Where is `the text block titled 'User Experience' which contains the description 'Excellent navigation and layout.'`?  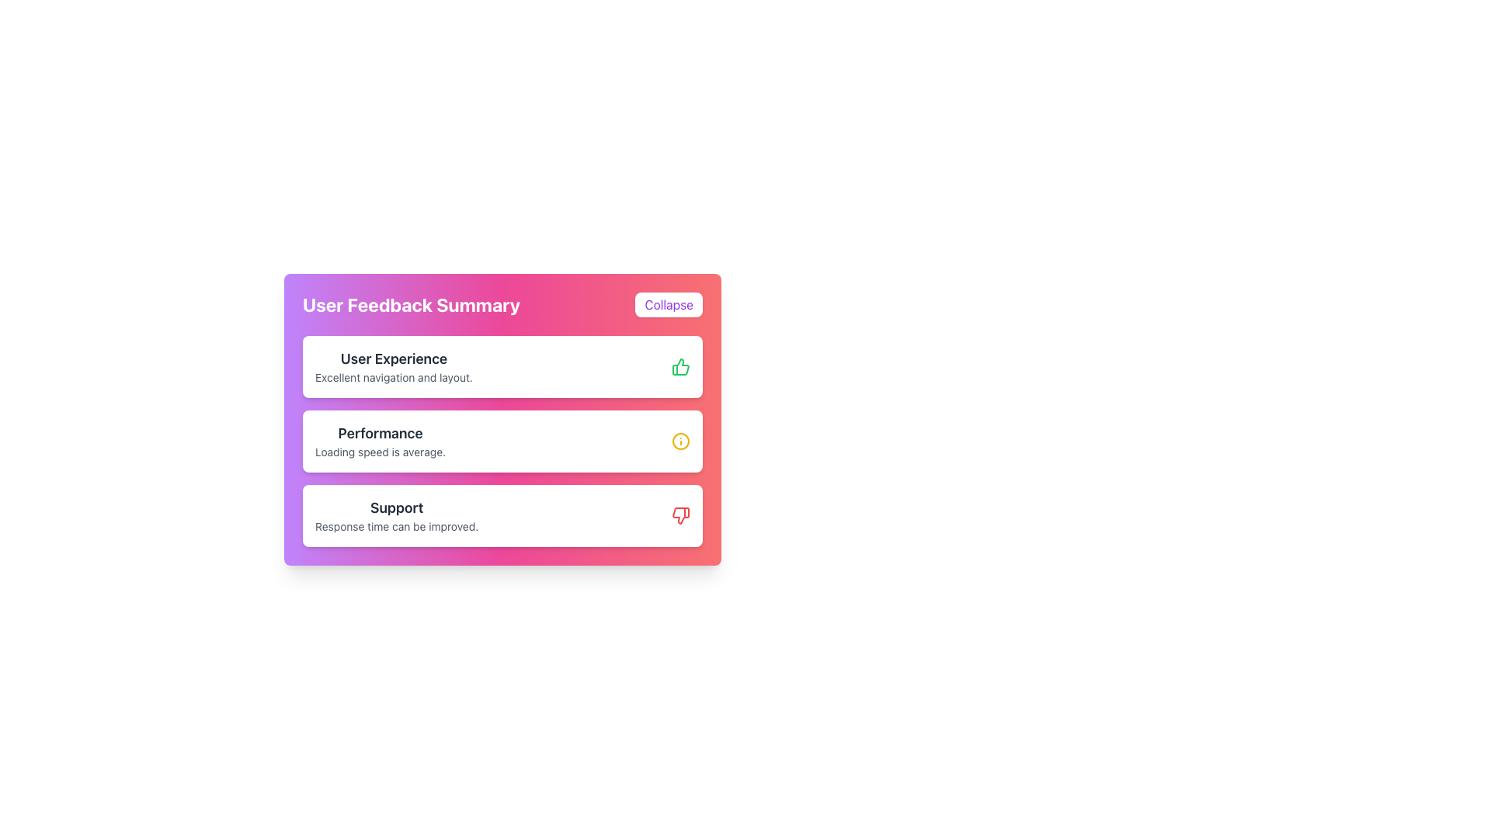 the text block titled 'User Experience' which contains the description 'Excellent navigation and layout.' is located at coordinates (394, 367).